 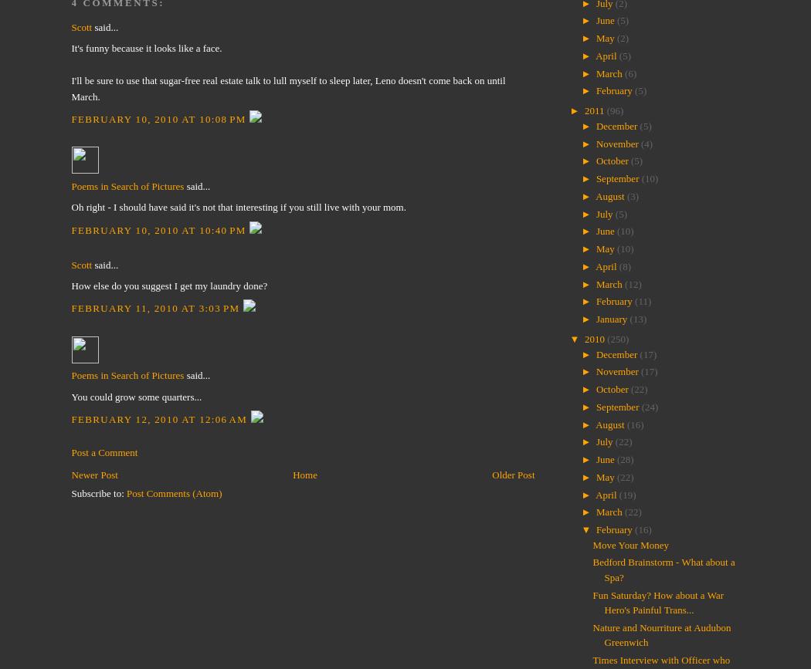 I want to click on '(250)', so click(x=616, y=338).